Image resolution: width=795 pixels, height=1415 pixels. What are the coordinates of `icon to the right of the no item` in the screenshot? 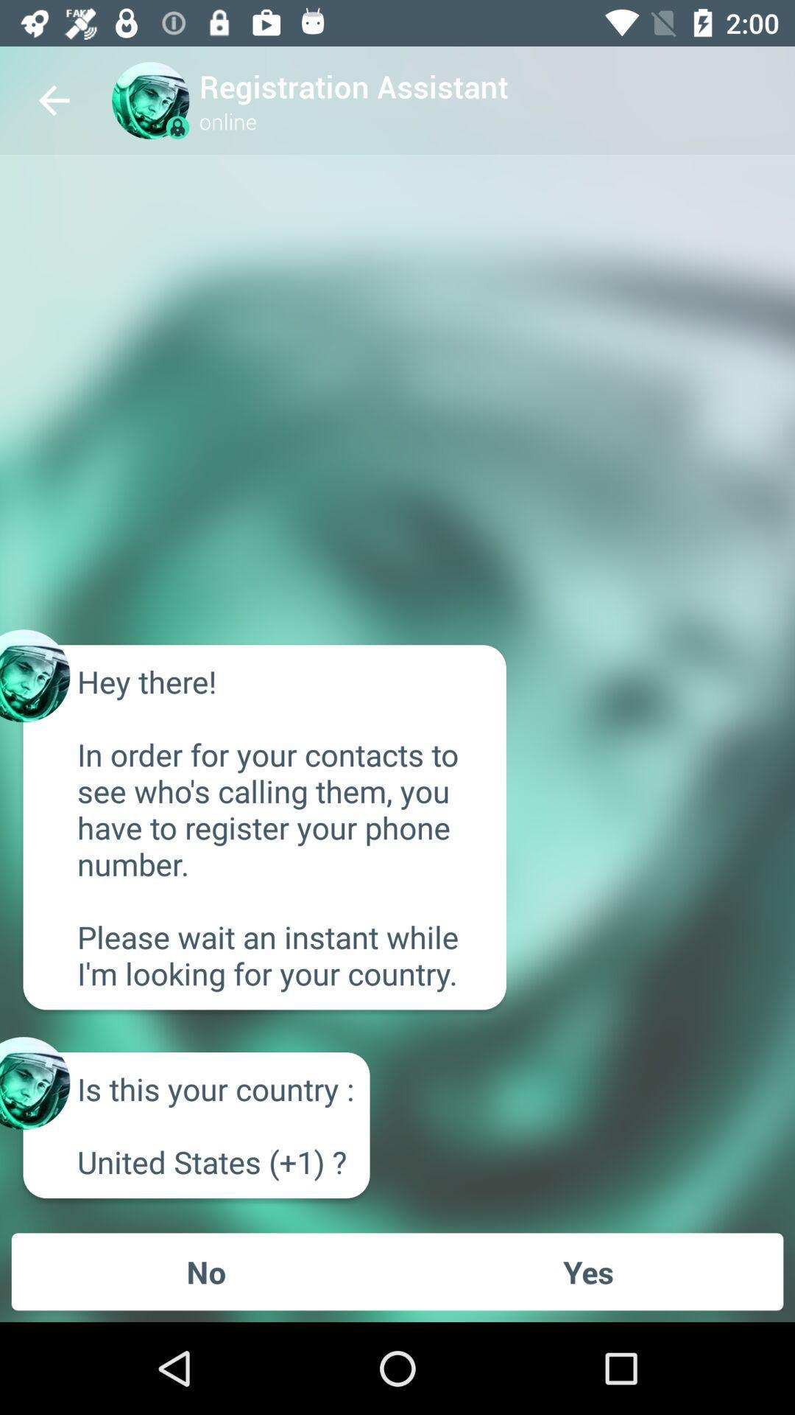 It's located at (587, 1271).